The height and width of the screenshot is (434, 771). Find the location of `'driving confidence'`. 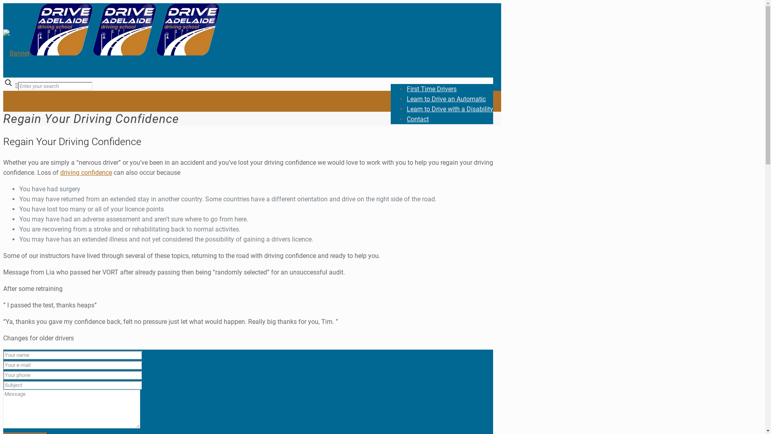

'driving confidence' is located at coordinates (86, 172).